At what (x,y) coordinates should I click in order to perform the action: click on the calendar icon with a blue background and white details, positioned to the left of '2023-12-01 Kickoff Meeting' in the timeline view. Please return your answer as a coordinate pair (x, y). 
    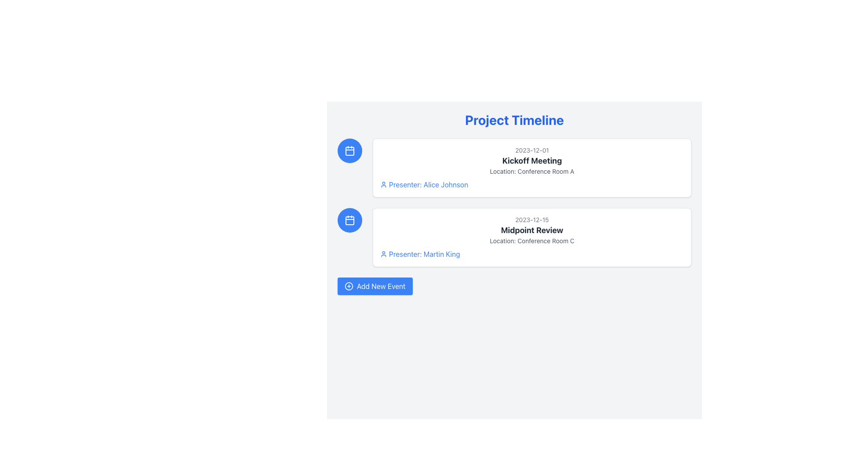
    Looking at the image, I should click on (349, 150).